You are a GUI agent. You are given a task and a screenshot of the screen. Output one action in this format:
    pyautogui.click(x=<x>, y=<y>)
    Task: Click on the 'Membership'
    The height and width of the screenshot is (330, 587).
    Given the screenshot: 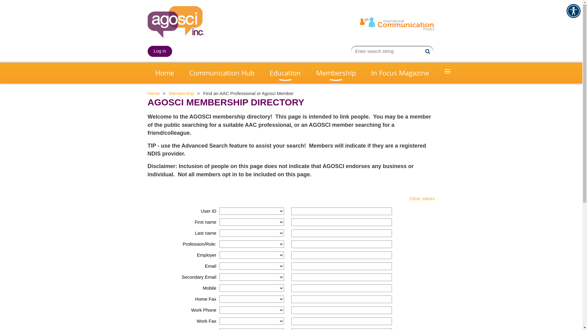 What is the action you would take?
    pyautogui.click(x=181, y=93)
    